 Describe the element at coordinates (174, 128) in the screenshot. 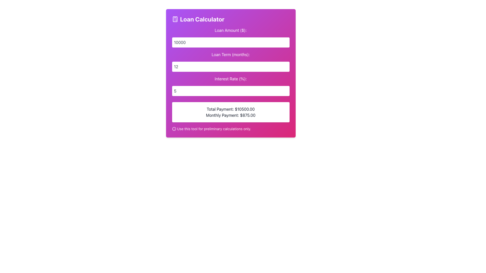

I see `the Info Symbol icon located at the bottom left of the visible card interface, which indicates additional information about the tool's usage` at that location.